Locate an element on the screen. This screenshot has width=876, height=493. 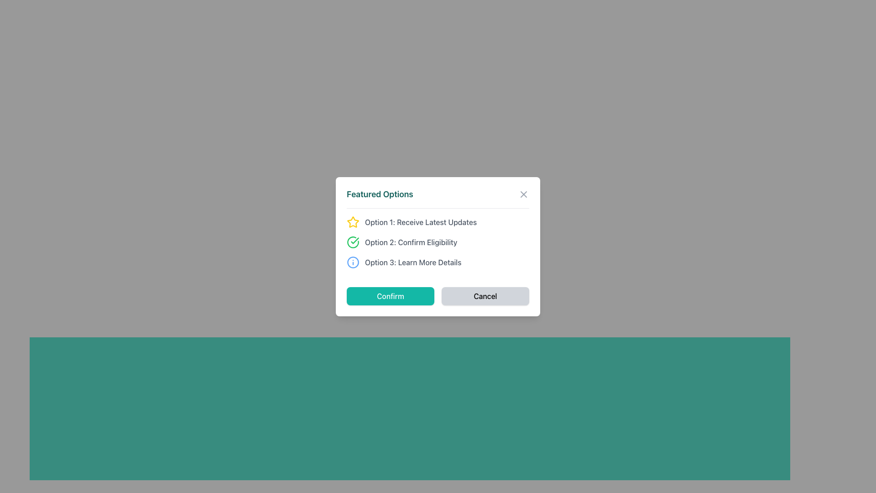
text from the modal dialog box titled 'Featured Options' which contains multiple options and buttons including 'Confirm' and 'Cancel' is located at coordinates (438, 246).